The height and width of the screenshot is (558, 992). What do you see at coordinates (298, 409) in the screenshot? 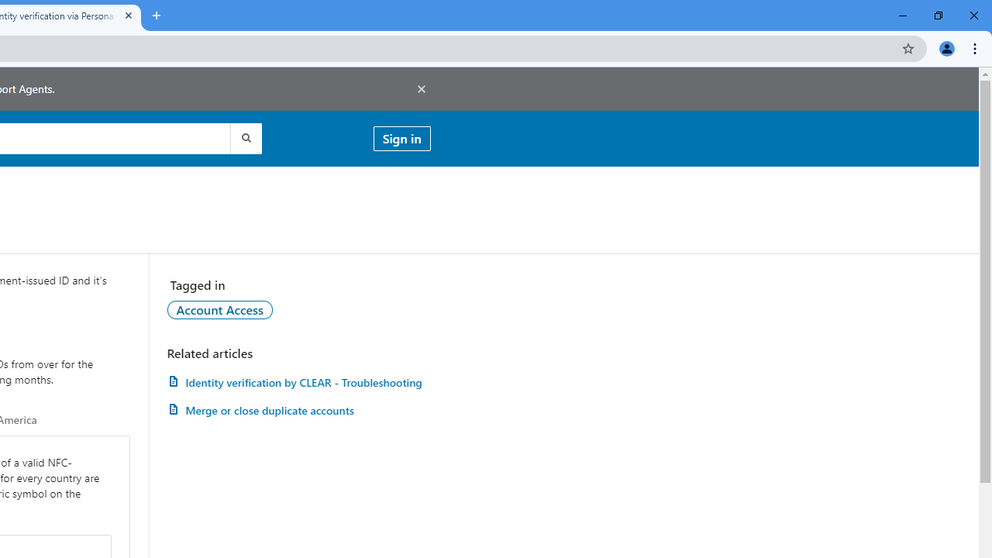
I see `'Merge or close duplicate accounts'` at bounding box center [298, 409].